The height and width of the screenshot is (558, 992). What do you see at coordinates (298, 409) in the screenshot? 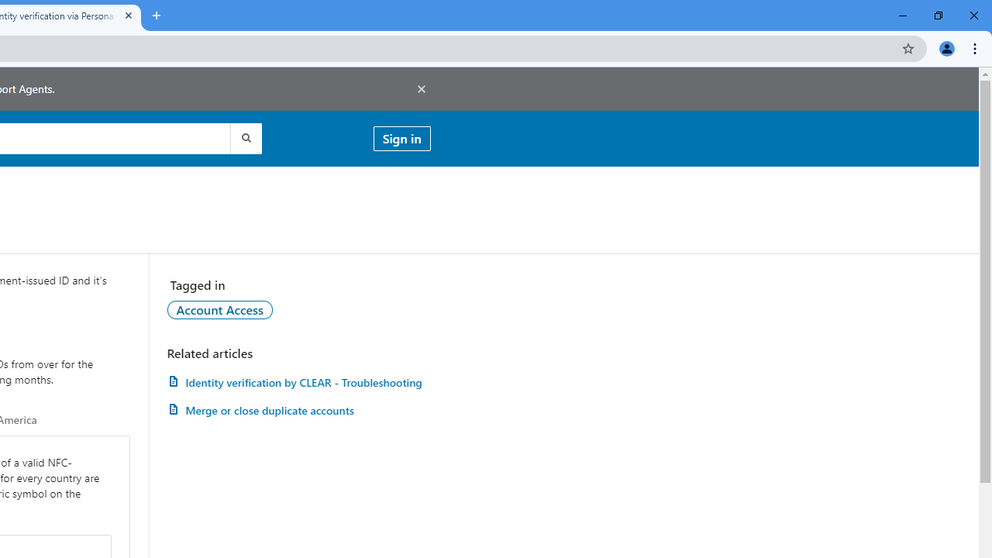
I see `'Merge or close duplicate accounts'` at bounding box center [298, 409].